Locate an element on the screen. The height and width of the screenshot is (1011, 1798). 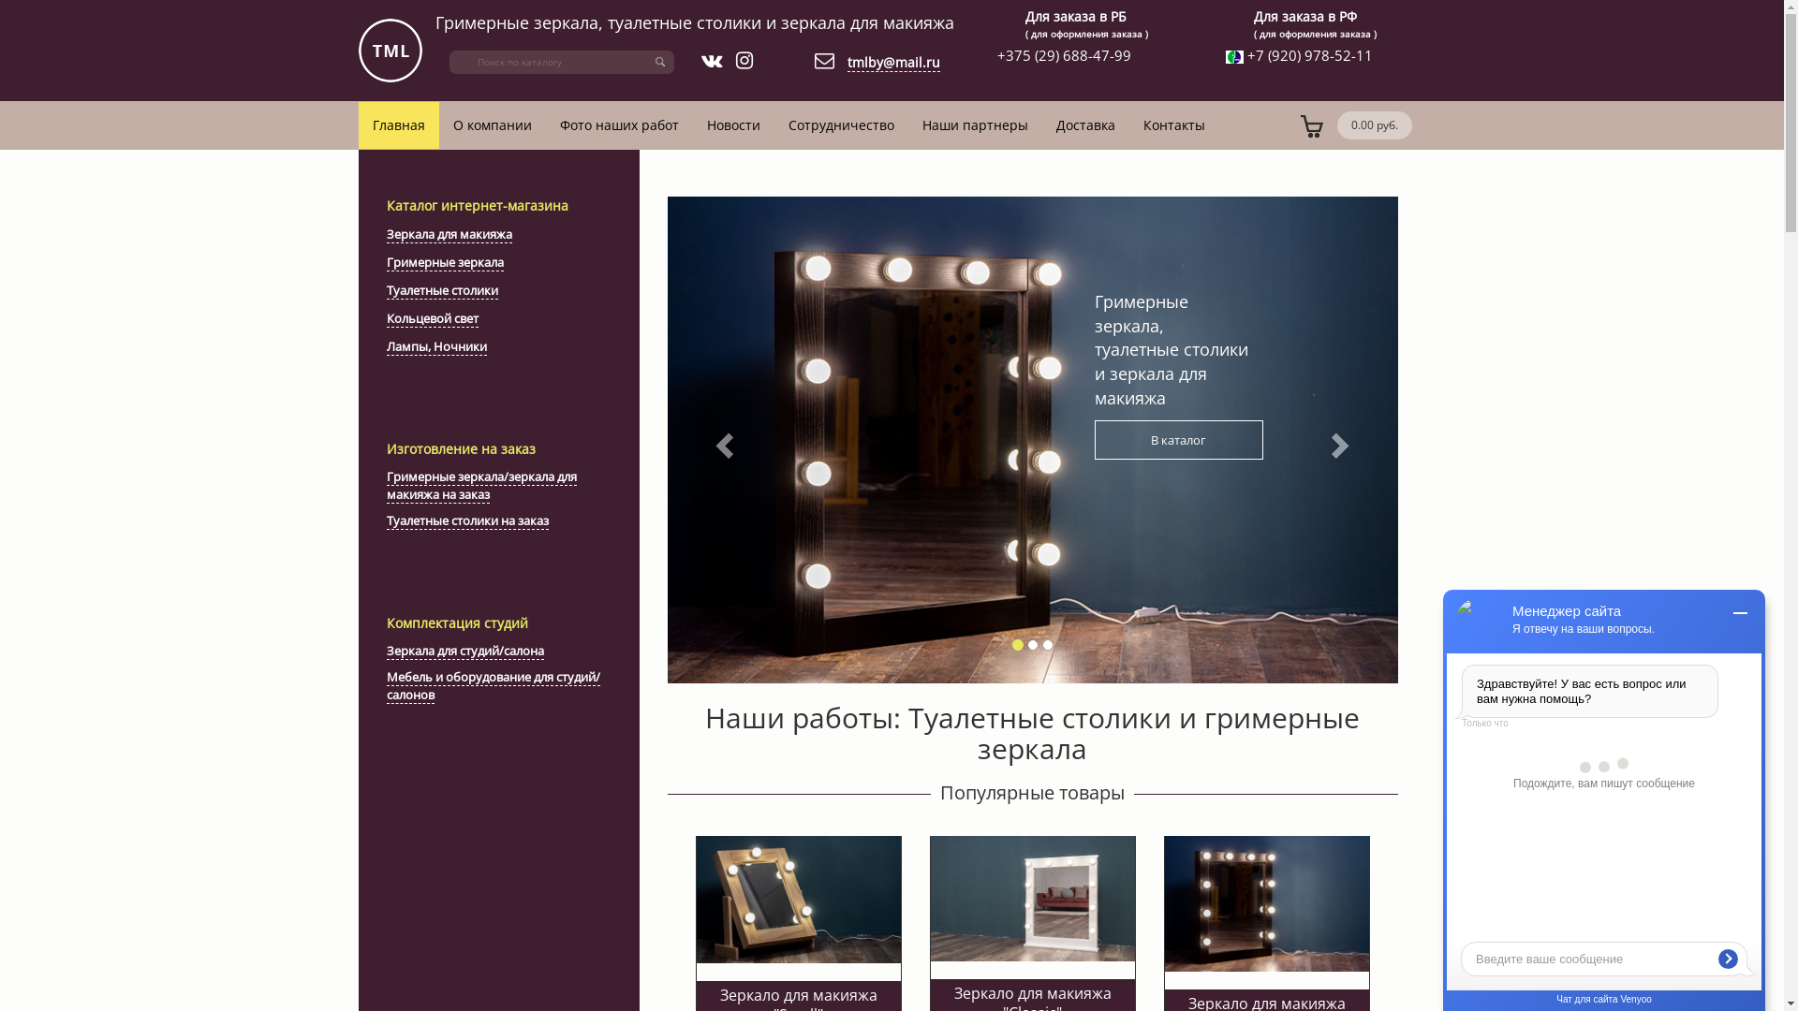
'+375 (29) 688-47-99' is located at coordinates (1064, 53).